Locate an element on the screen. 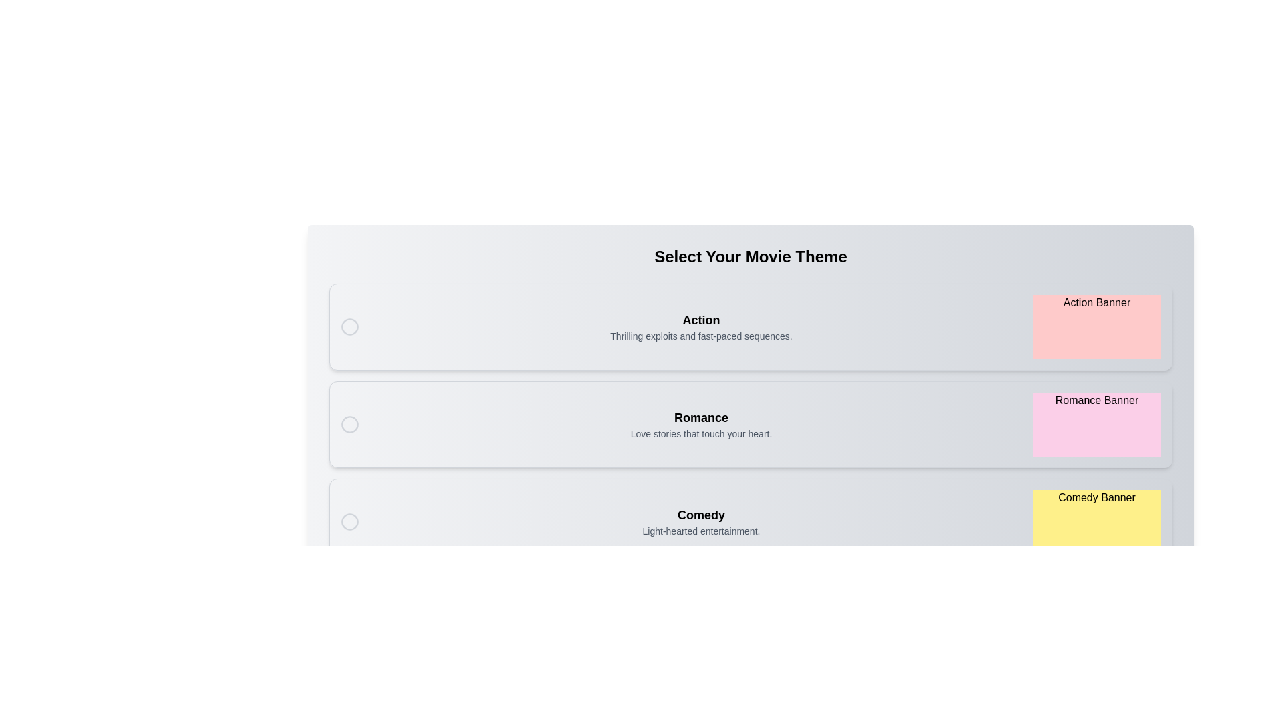 The image size is (1282, 721). the third SVG Circle element that indicates an unselected state, located next to the 'Comedy' banner text is located at coordinates (349, 521).